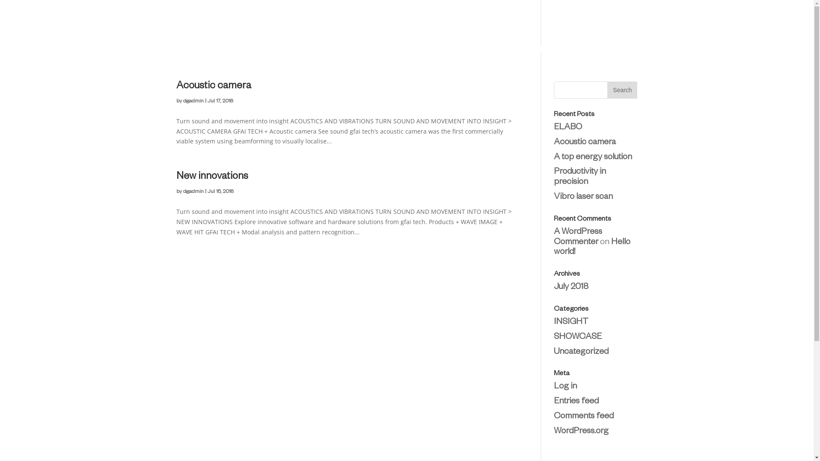  What do you see at coordinates (592, 248) in the screenshot?
I see `'Hello world!'` at bounding box center [592, 248].